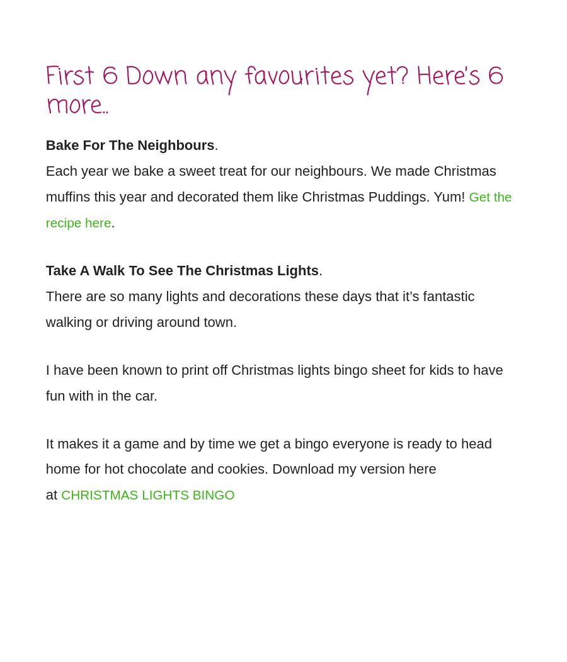 This screenshot has height=662, width=567. I want to click on 'Each year we bake a sweet treat for our neighbours. We made Christmas muffins this year and decorated them like Christmas Puddings. Yum!', so click(270, 176).